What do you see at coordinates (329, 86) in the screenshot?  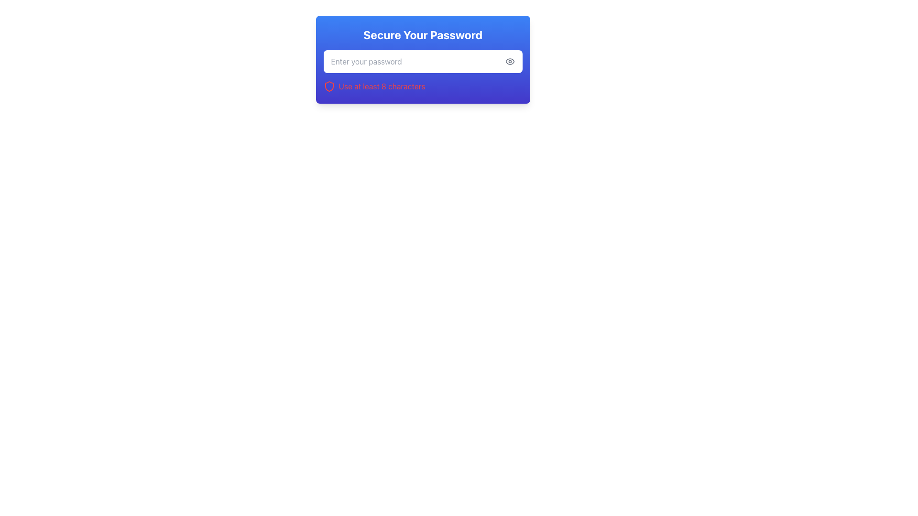 I see `the warning icon indicating secure password creation, located to the left of the phrase 'Use at least 8 characters'` at bounding box center [329, 86].